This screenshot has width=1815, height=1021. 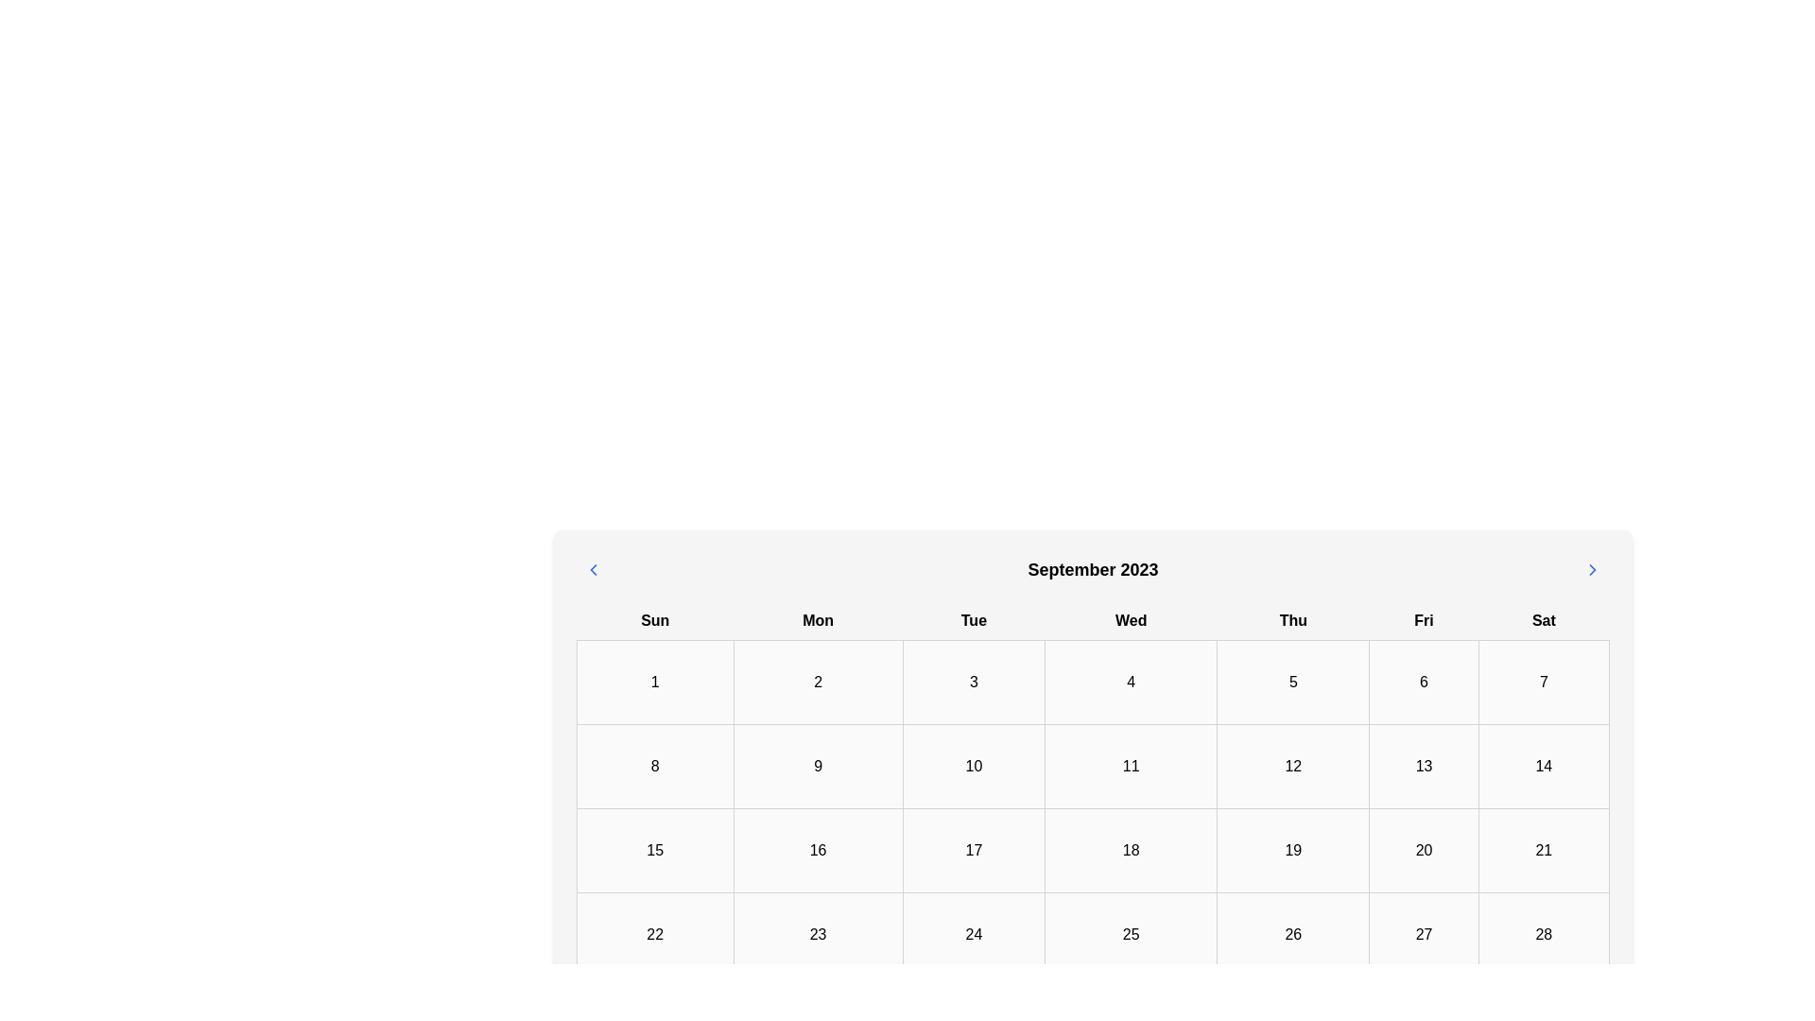 I want to click on the text label for Friday, which is the sixth item in the horizontal sequence of days in the calendar layout, so click(x=1424, y=621).